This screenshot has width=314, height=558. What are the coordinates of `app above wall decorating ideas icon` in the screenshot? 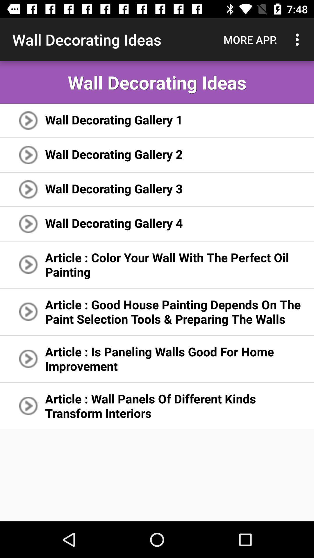 It's located at (250, 39).